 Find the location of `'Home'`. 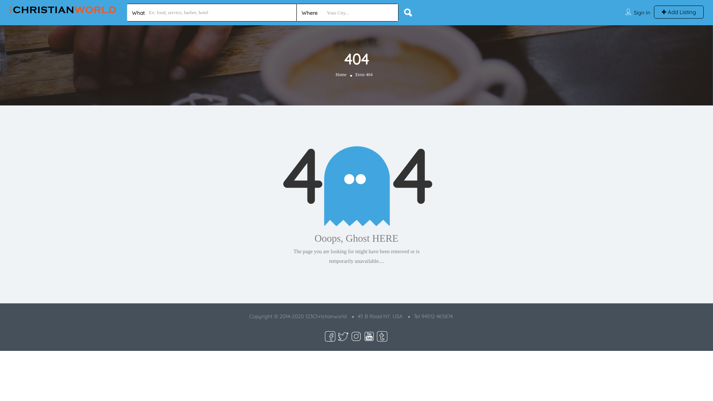

'Home' is located at coordinates (341, 75).